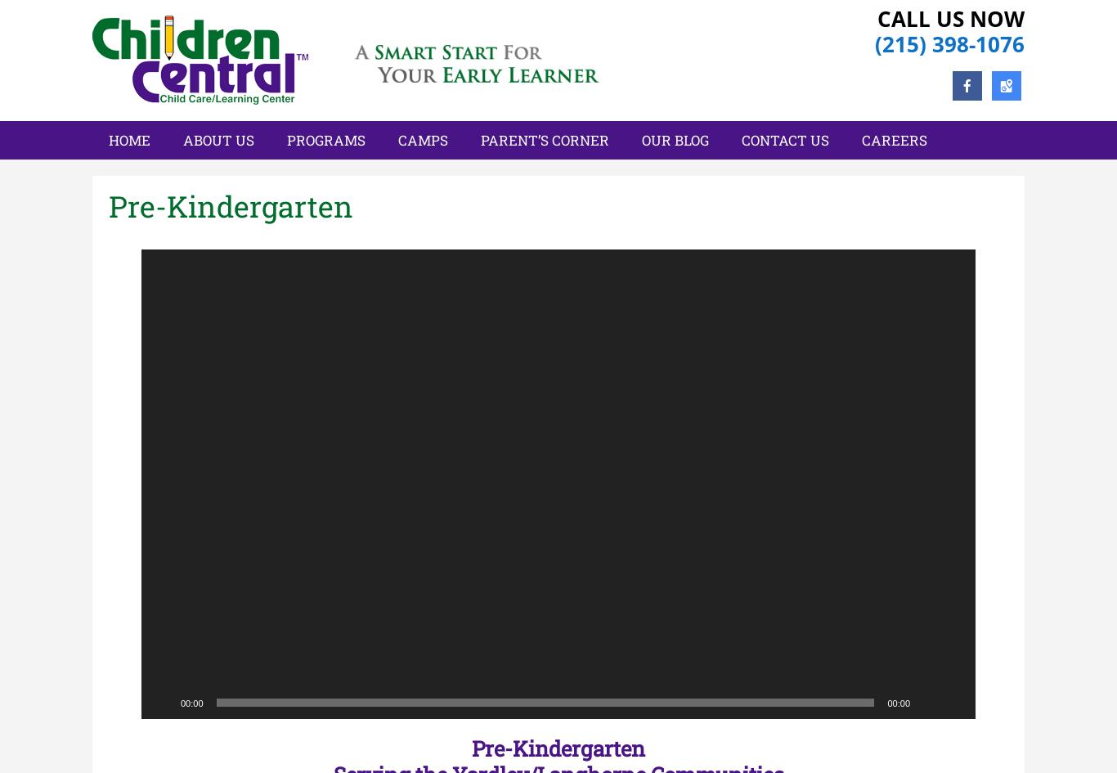 The height and width of the screenshot is (773, 1117). What do you see at coordinates (423, 140) in the screenshot?
I see `'Camps'` at bounding box center [423, 140].